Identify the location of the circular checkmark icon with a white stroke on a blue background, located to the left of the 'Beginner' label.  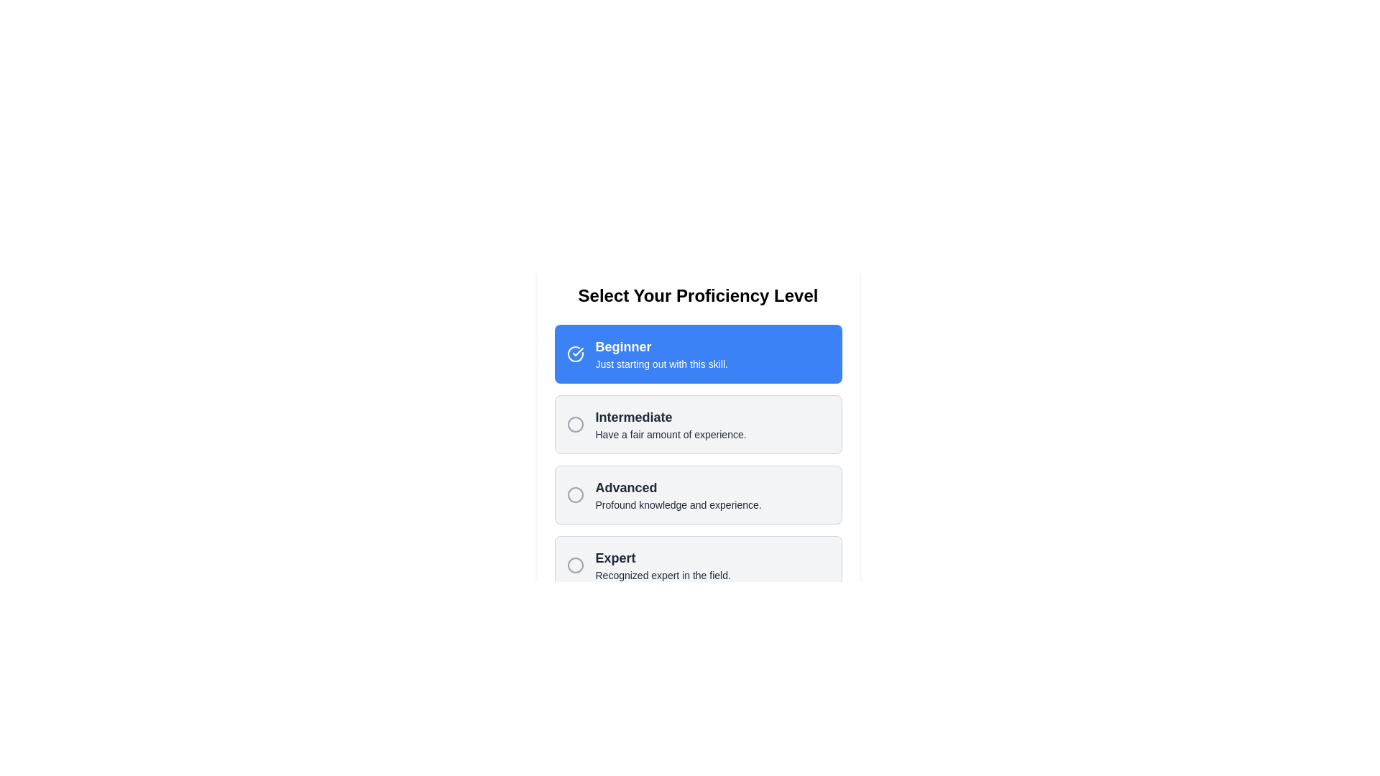
(575, 354).